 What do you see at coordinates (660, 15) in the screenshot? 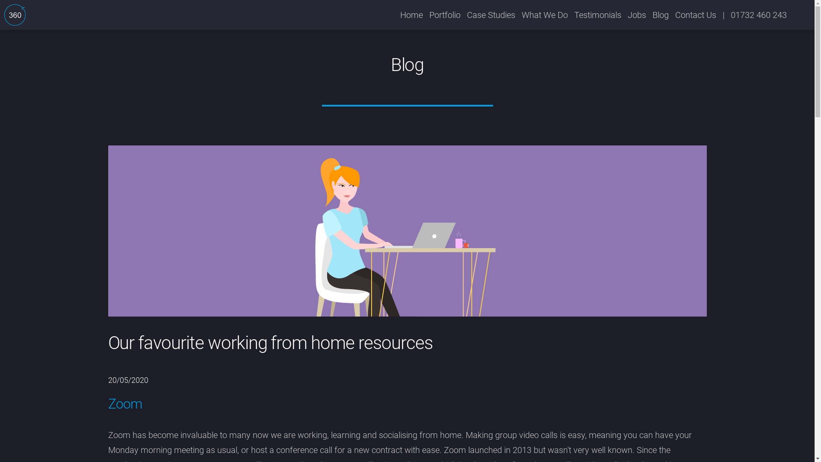
I see `'Blog'` at bounding box center [660, 15].